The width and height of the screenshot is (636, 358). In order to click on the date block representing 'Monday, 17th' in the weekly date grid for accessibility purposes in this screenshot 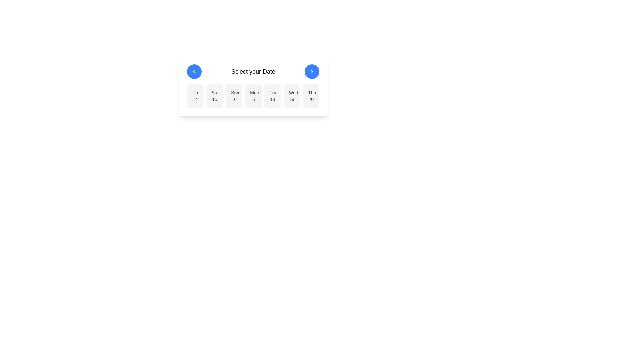, I will do `click(253, 96)`.